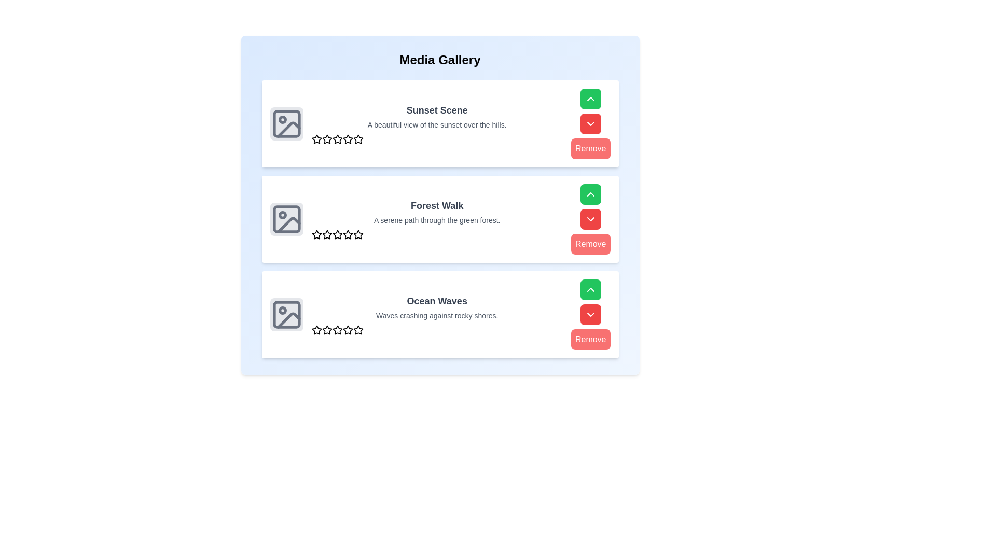 The width and height of the screenshot is (996, 560). I want to click on 'Remove' button for the media item titled 'Forest Walk', so click(590, 244).